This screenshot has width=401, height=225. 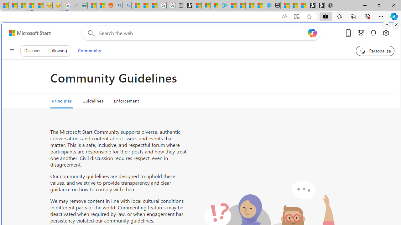 What do you see at coordinates (12, 51) in the screenshot?
I see `'Class: control icon-only'` at bounding box center [12, 51].